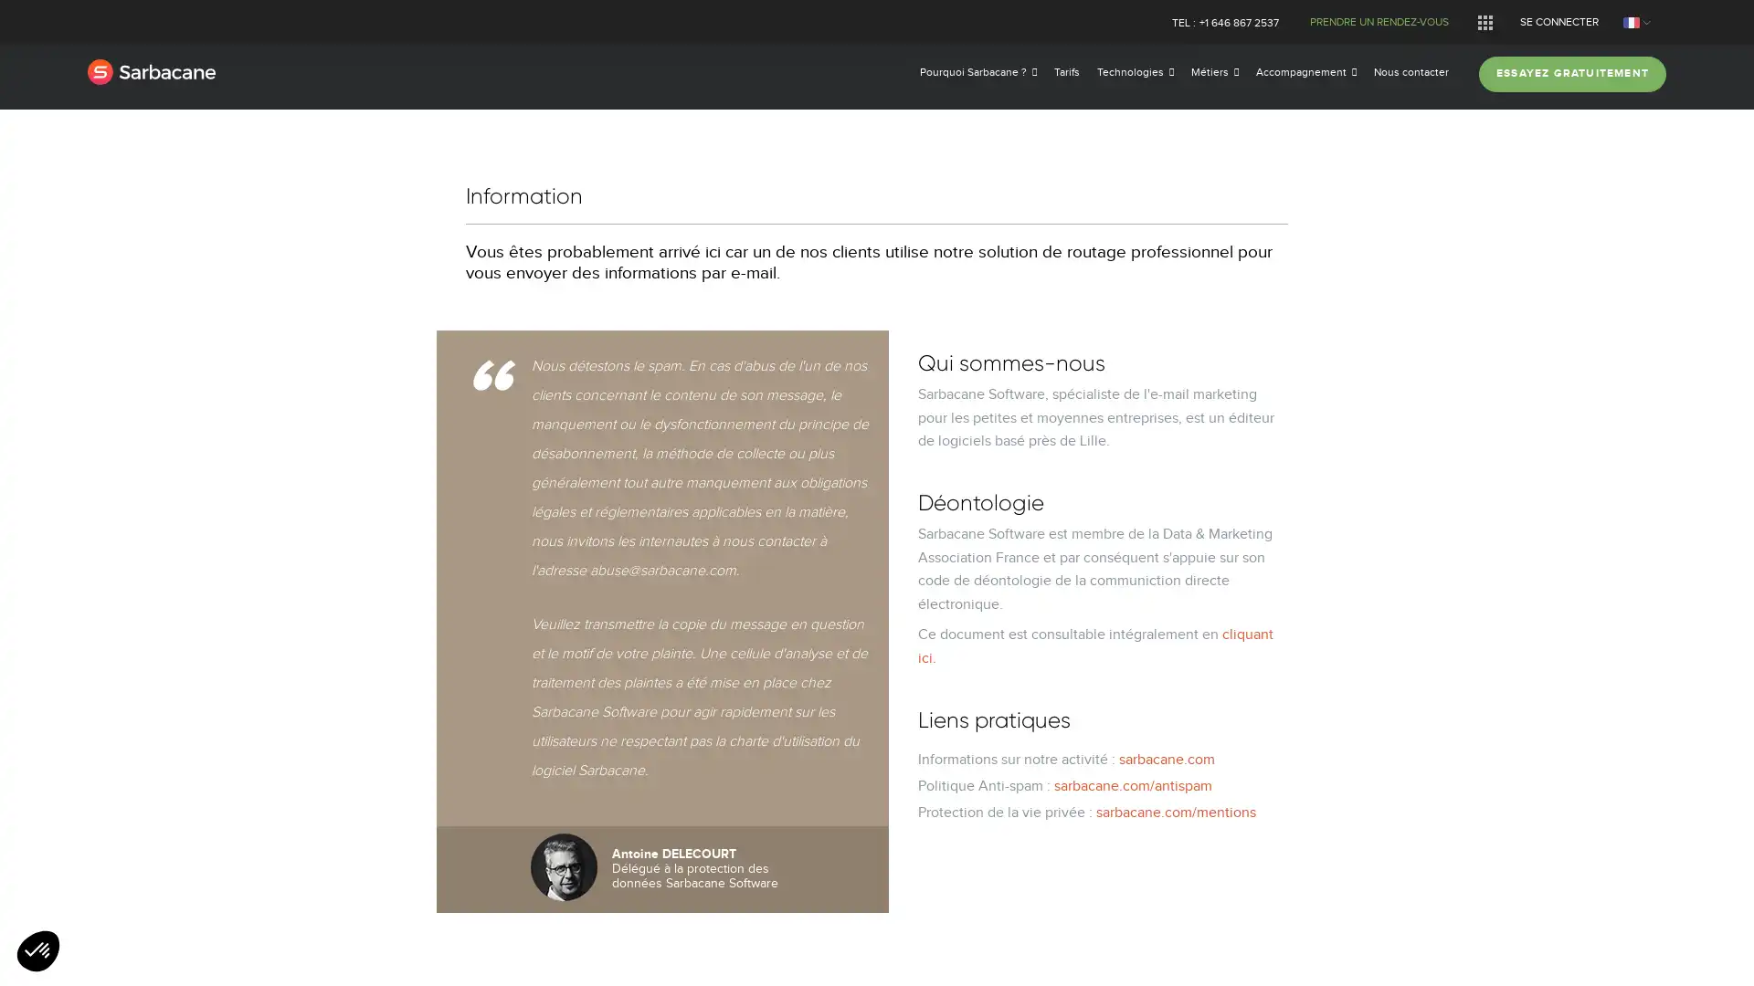  I want to click on Manage your preferences about cookies, so click(38, 951).